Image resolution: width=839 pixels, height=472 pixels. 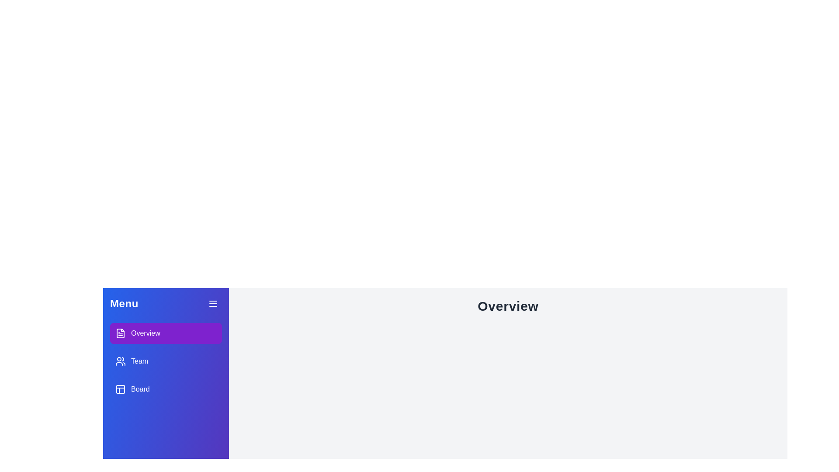 What do you see at coordinates (213, 303) in the screenshot?
I see `the menu icon button to toggle the side drawer visibility` at bounding box center [213, 303].